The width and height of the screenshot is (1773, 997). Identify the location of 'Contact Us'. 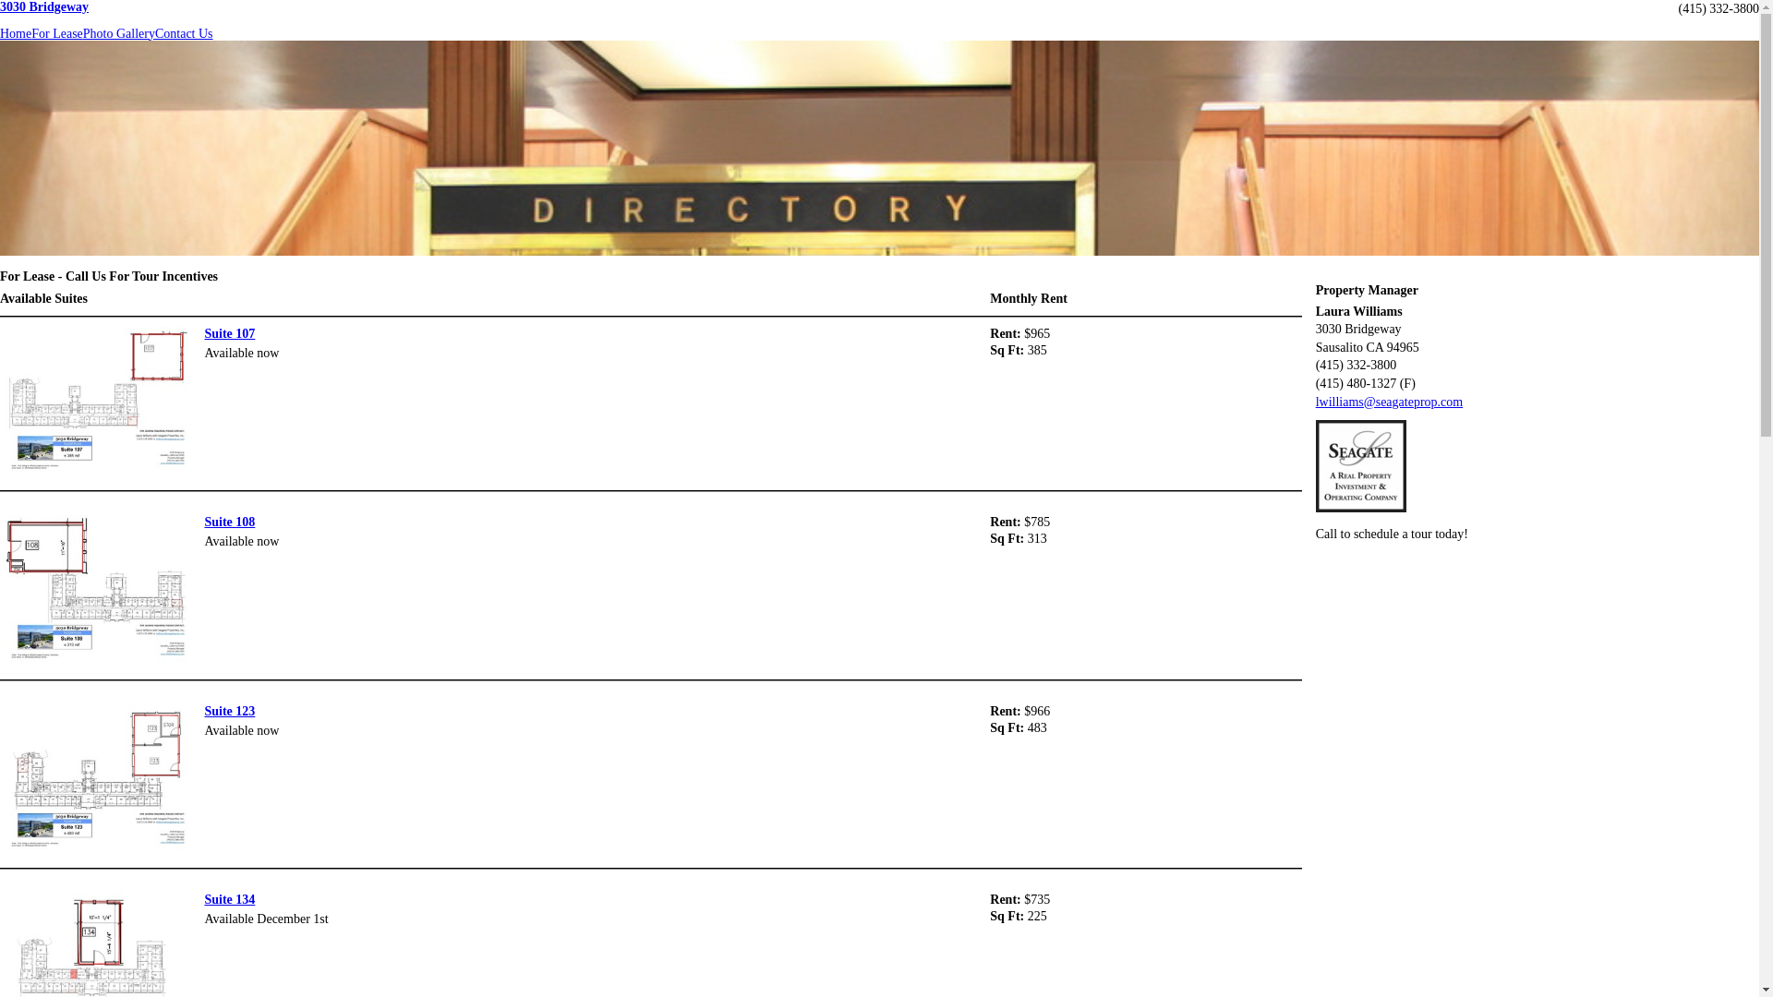
(184, 34).